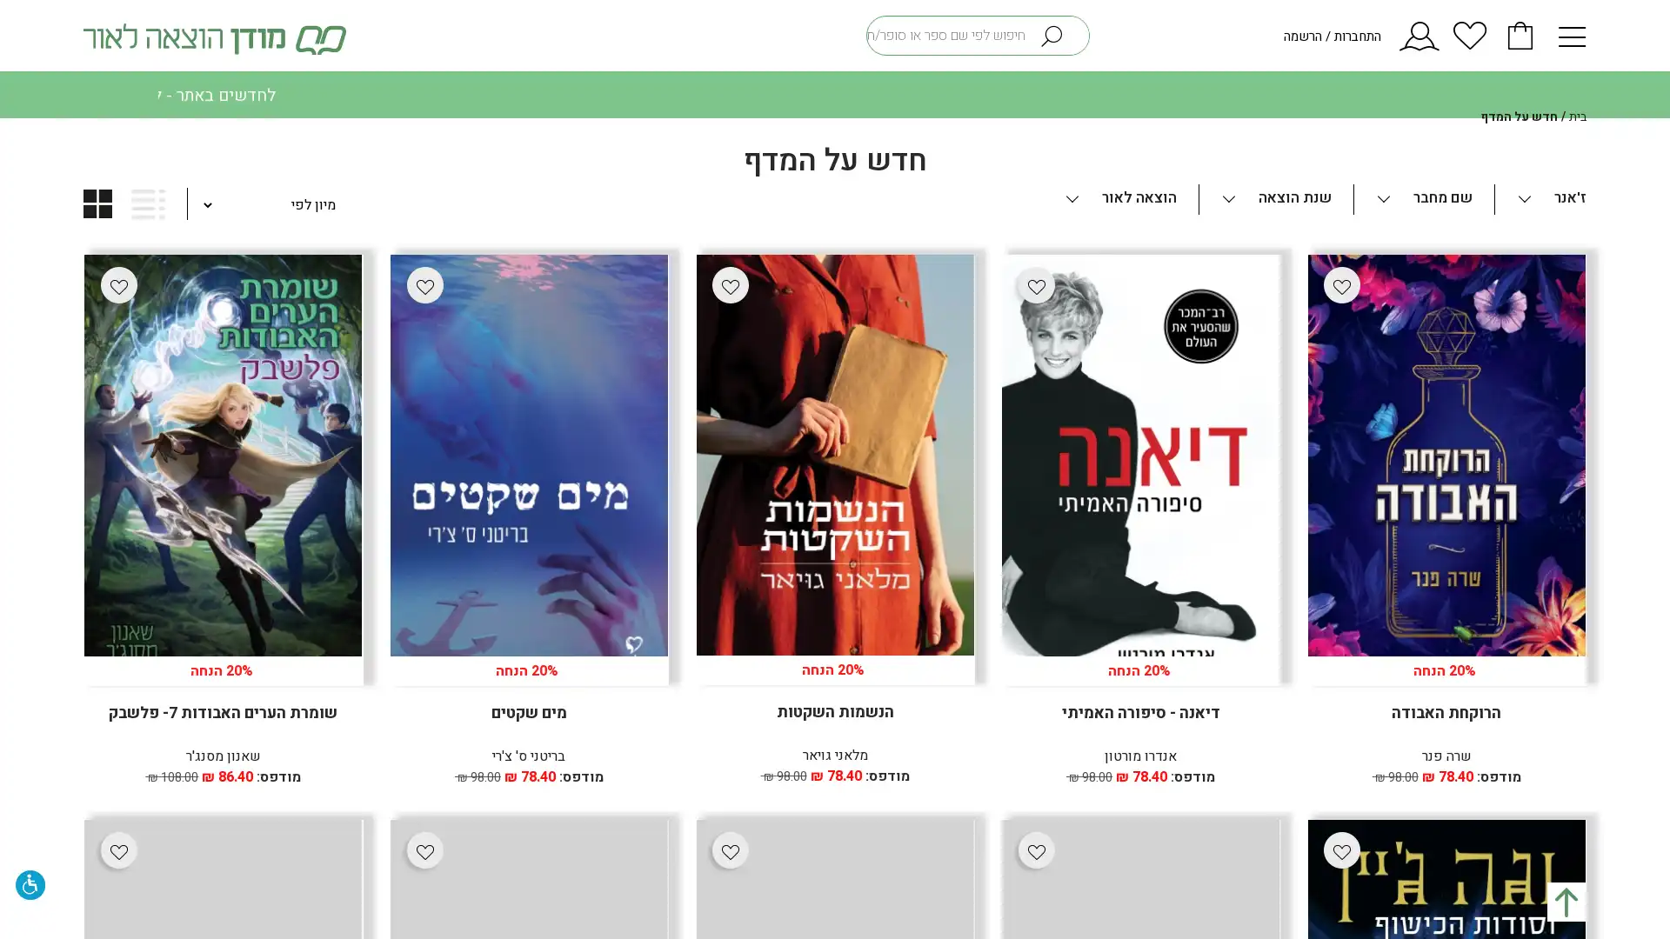  Describe the element at coordinates (1565, 34) in the screenshot. I see `Toggle navigation` at that location.